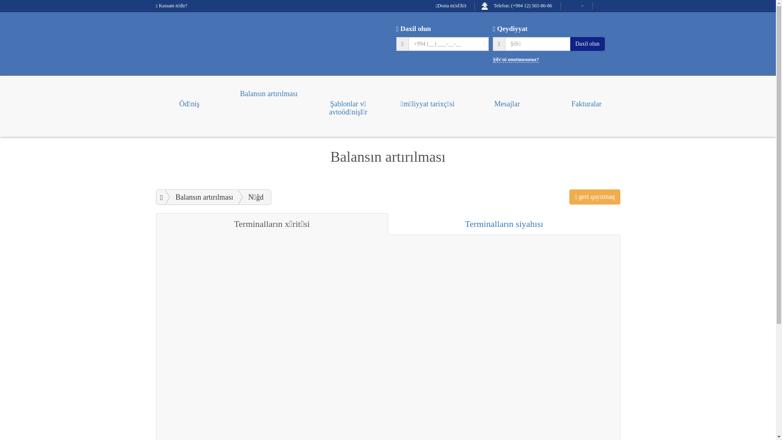 The width and height of the screenshot is (782, 440). Describe the element at coordinates (616, 6) in the screenshot. I see `'twitter'` at that location.